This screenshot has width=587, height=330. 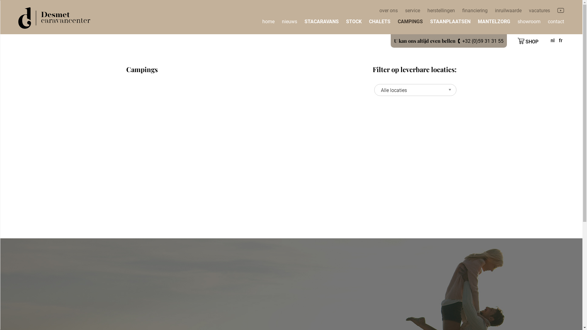 What do you see at coordinates (528, 41) in the screenshot?
I see `'SHOP'` at bounding box center [528, 41].